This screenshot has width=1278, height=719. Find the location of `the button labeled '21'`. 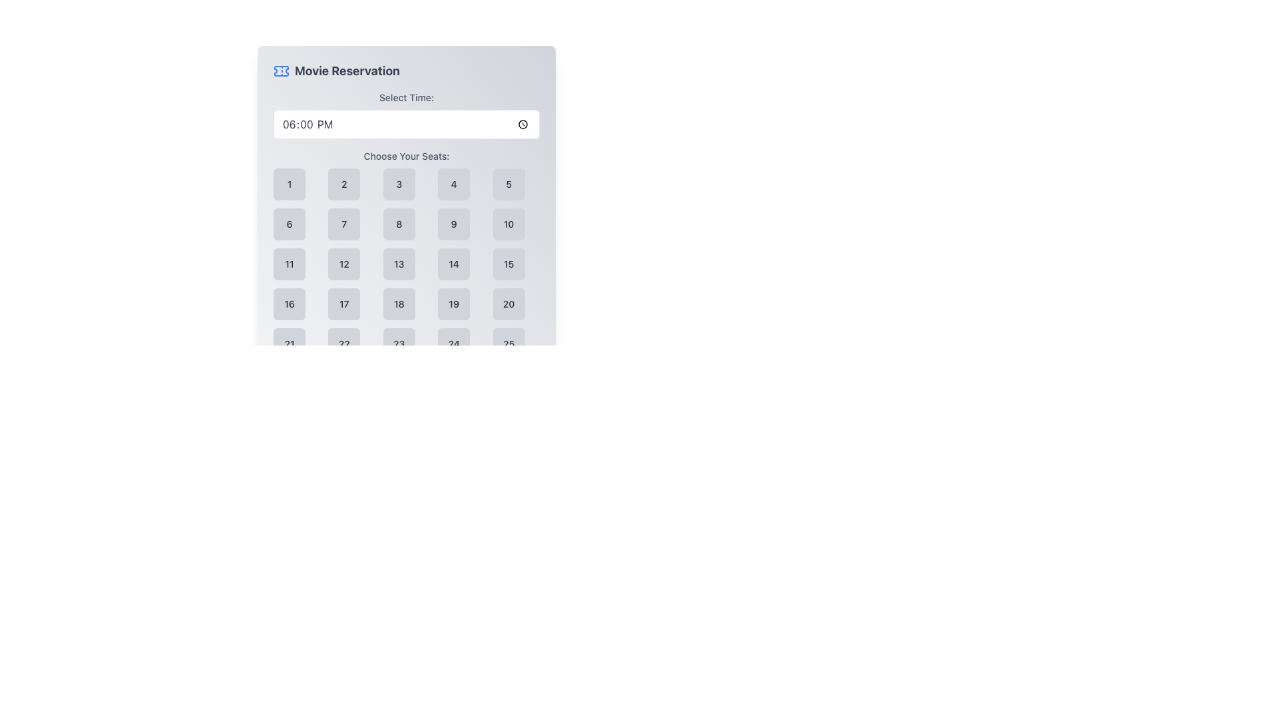

the button labeled '21' is located at coordinates (289, 343).